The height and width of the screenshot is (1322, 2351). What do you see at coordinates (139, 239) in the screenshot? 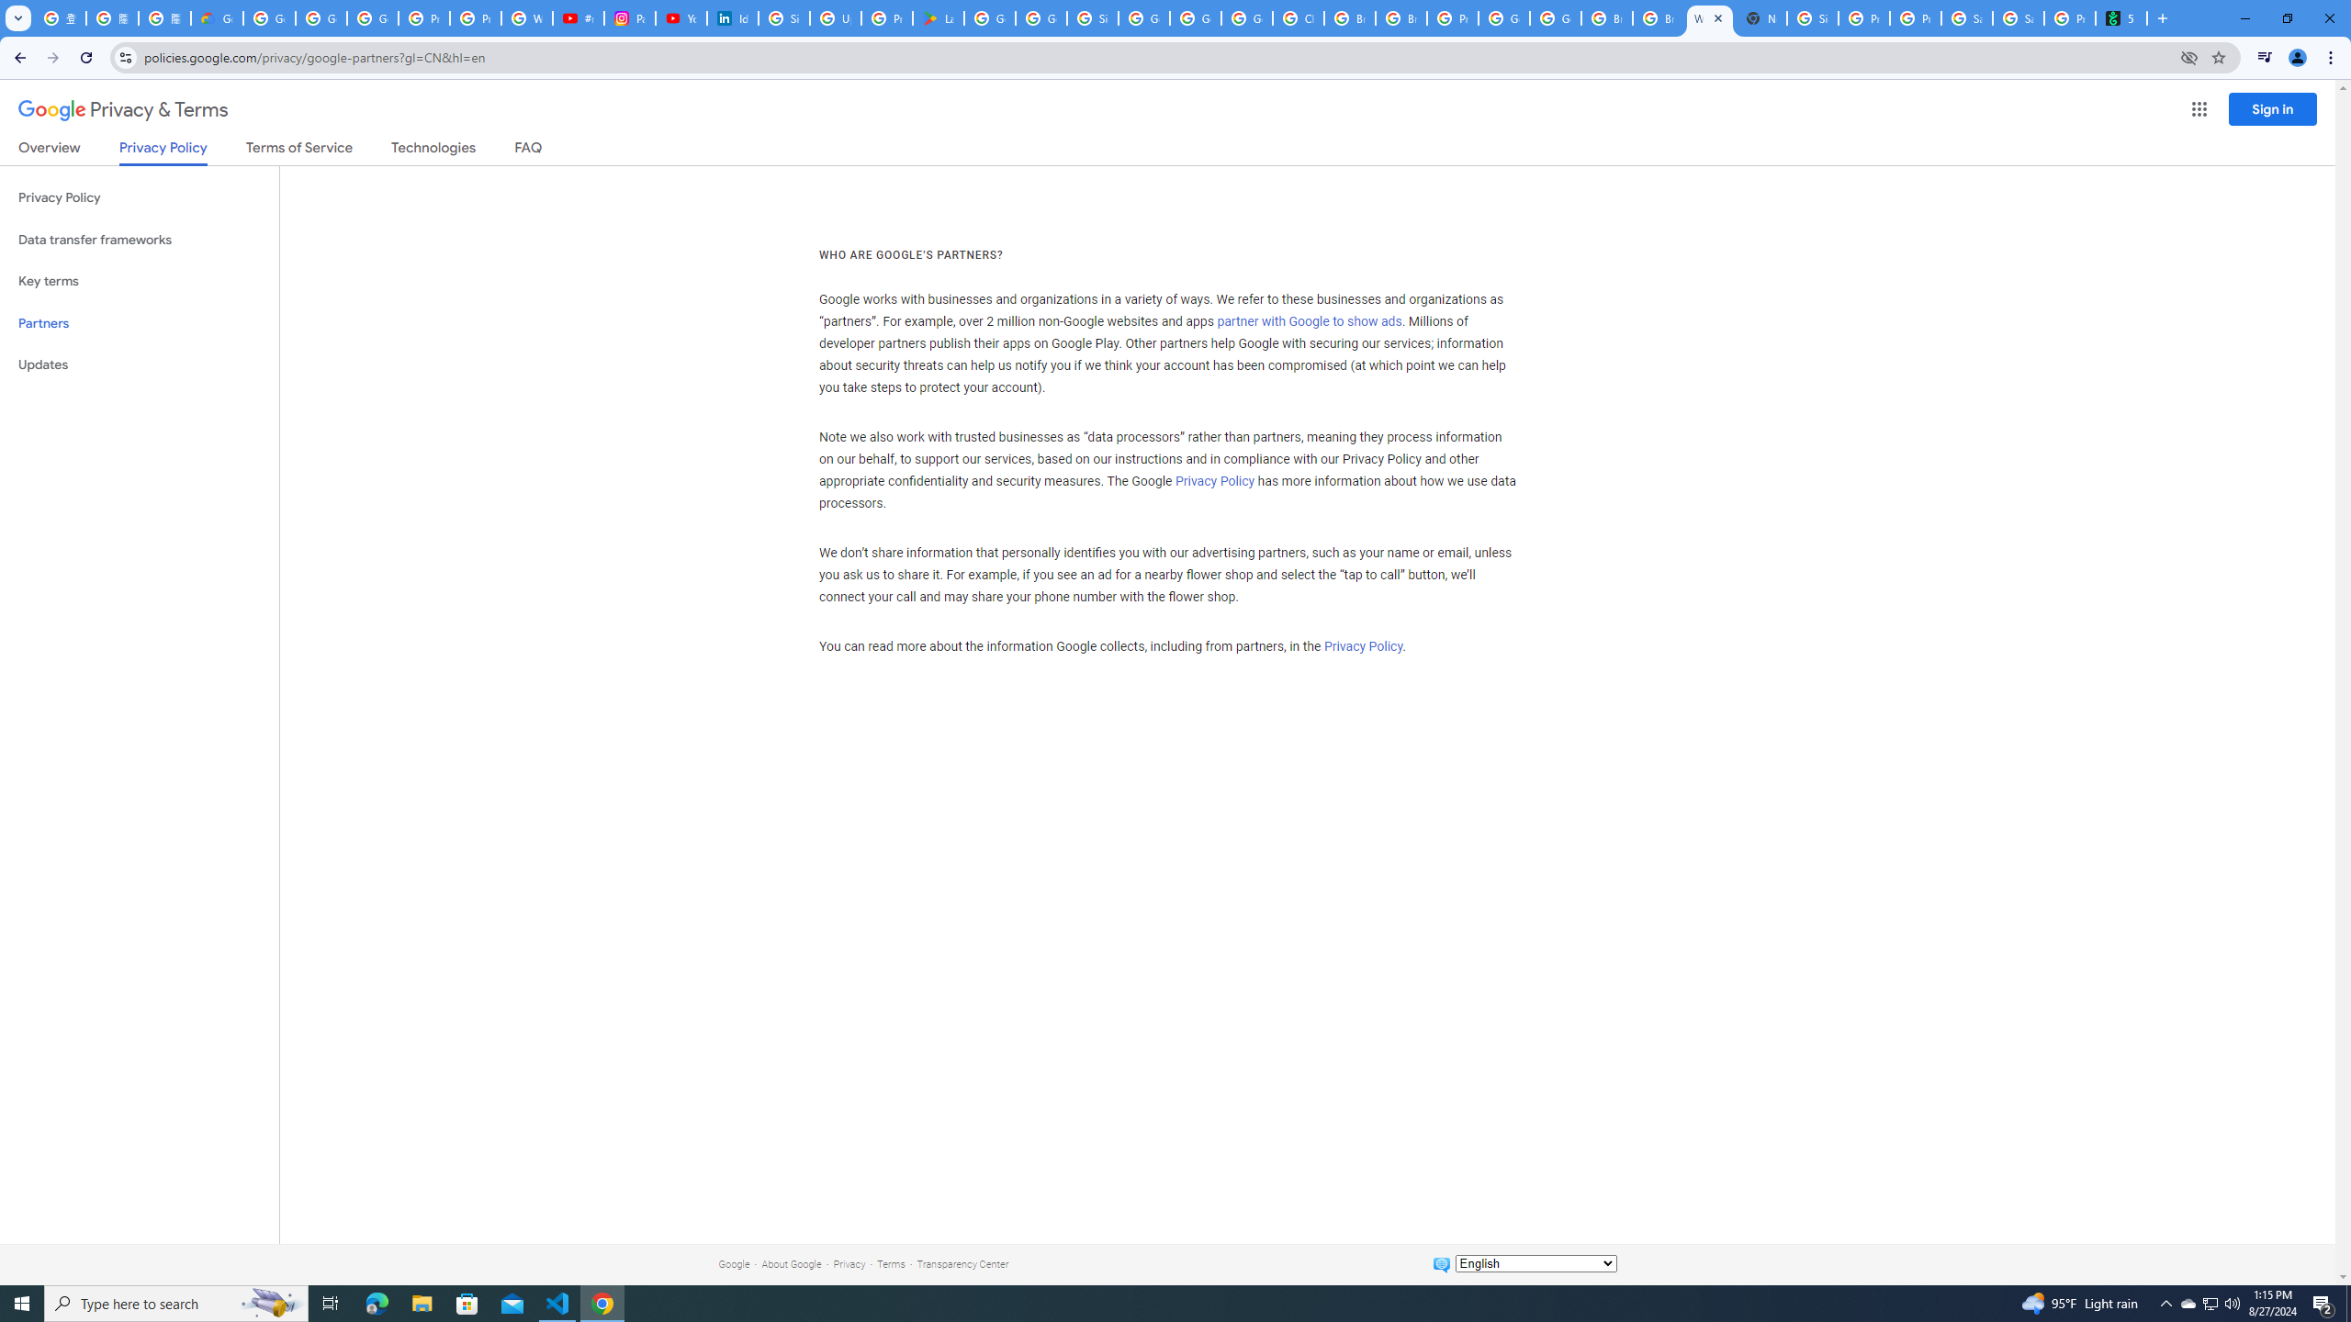
I see `'Data transfer frameworks'` at bounding box center [139, 239].